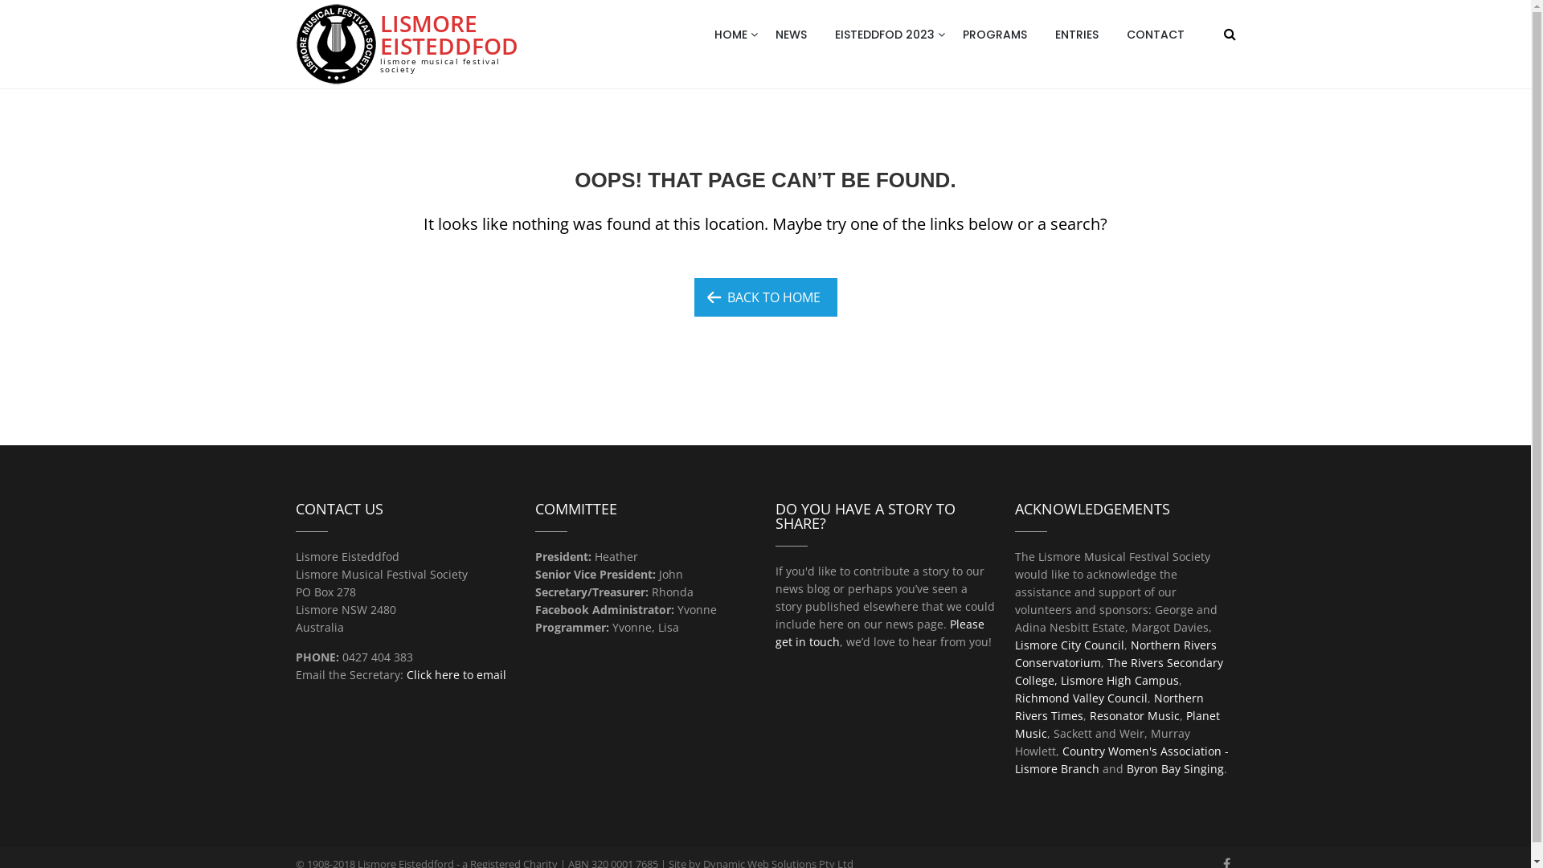 This screenshot has width=1543, height=868. Describe the element at coordinates (1013, 759) in the screenshot. I see `'Country Women's Association - Lismore Branch'` at that location.